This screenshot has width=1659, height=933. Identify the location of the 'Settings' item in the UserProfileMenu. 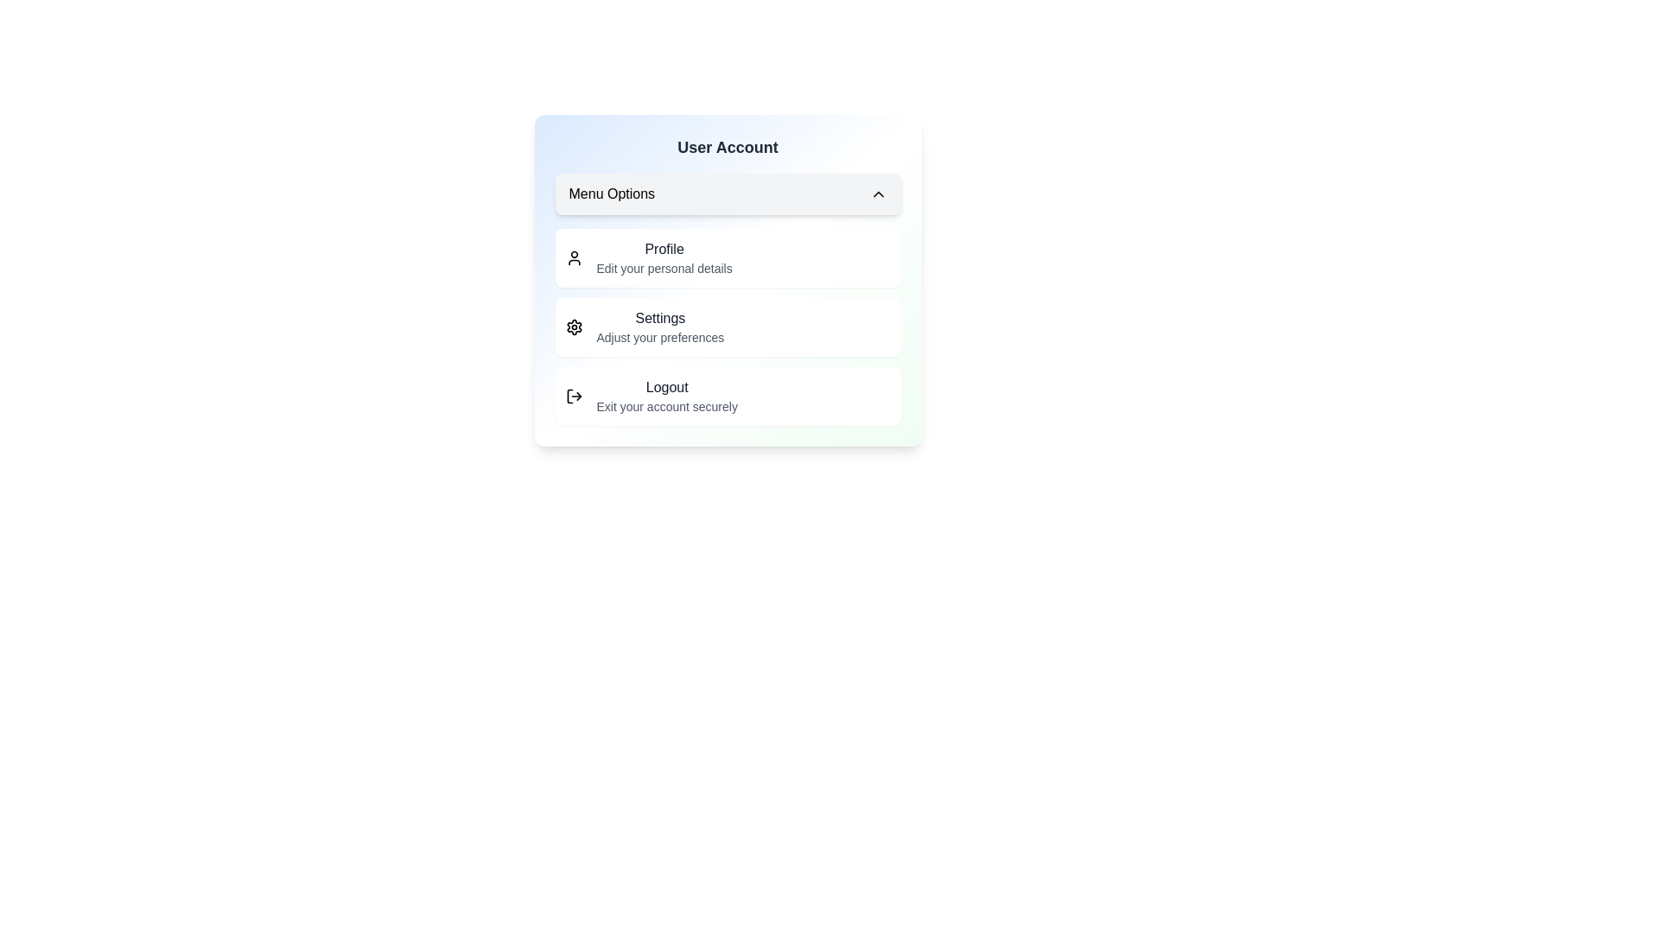
(728, 327).